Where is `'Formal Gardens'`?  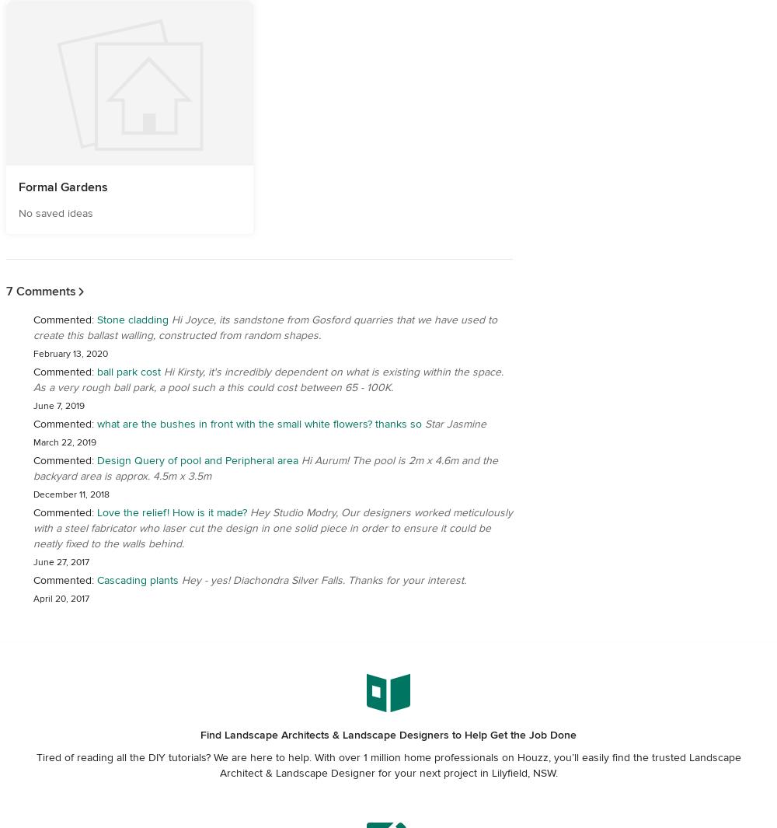 'Formal Gardens' is located at coordinates (62, 187).